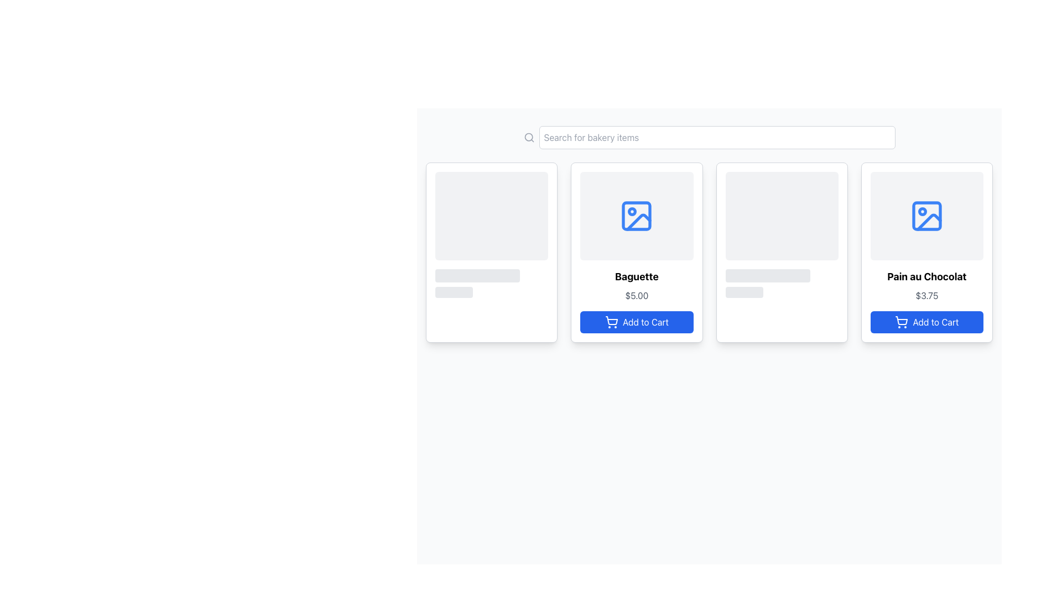 The height and width of the screenshot is (597, 1062). What do you see at coordinates (528, 137) in the screenshot?
I see `the Circle element that represents the search icon, which is slightly to the left of its center within the magnifying glass icon` at bounding box center [528, 137].